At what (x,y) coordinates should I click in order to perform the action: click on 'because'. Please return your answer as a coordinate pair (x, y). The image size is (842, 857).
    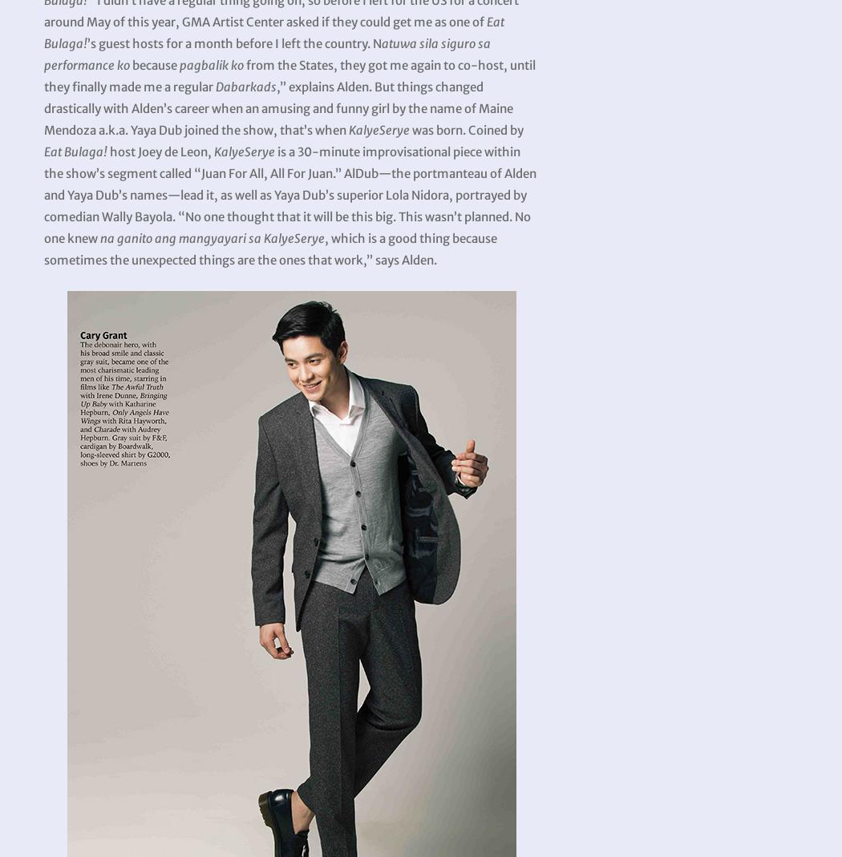
    Looking at the image, I should click on (153, 64).